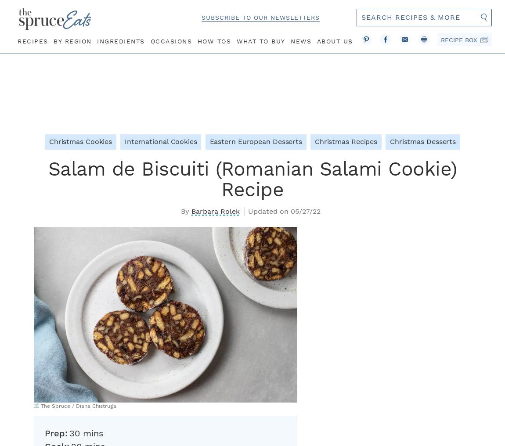 The height and width of the screenshot is (446, 505). Describe the element at coordinates (283, 211) in the screenshot. I see `'Updated on 05/27/22'` at that location.